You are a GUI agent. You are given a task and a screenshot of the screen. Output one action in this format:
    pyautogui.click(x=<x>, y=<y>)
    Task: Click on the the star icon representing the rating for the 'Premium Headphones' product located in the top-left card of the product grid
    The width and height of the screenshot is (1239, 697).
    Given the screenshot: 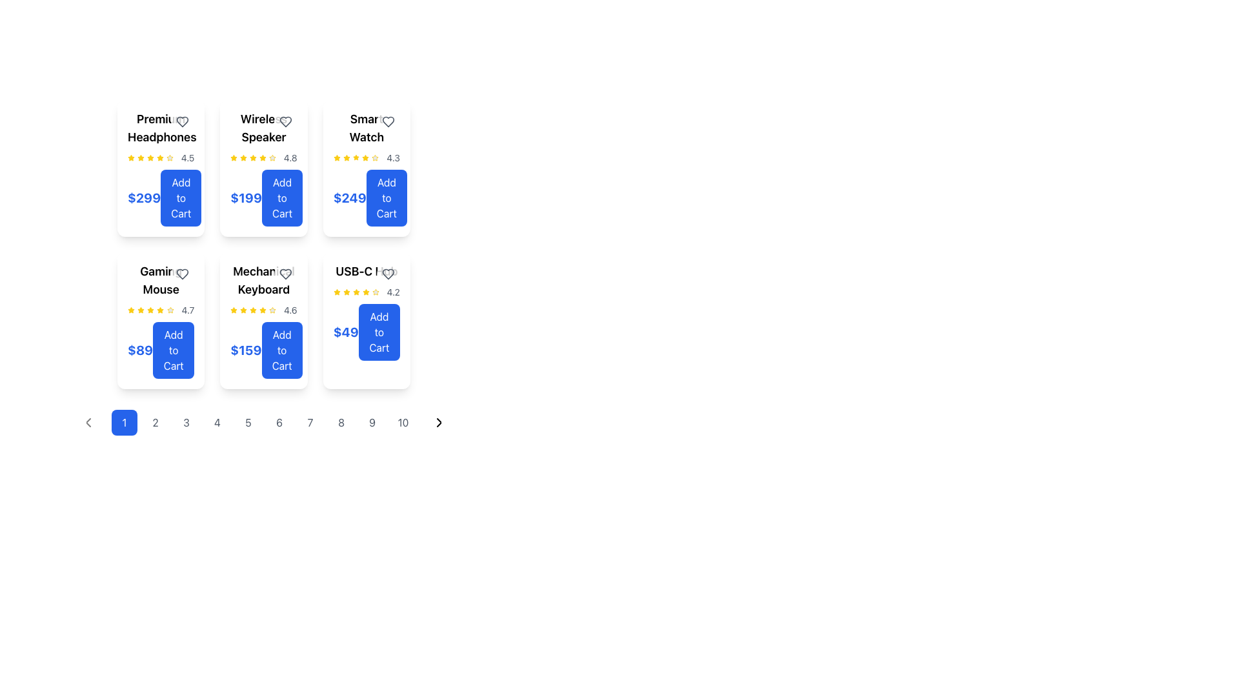 What is the action you would take?
    pyautogui.click(x=159, y=157)
    